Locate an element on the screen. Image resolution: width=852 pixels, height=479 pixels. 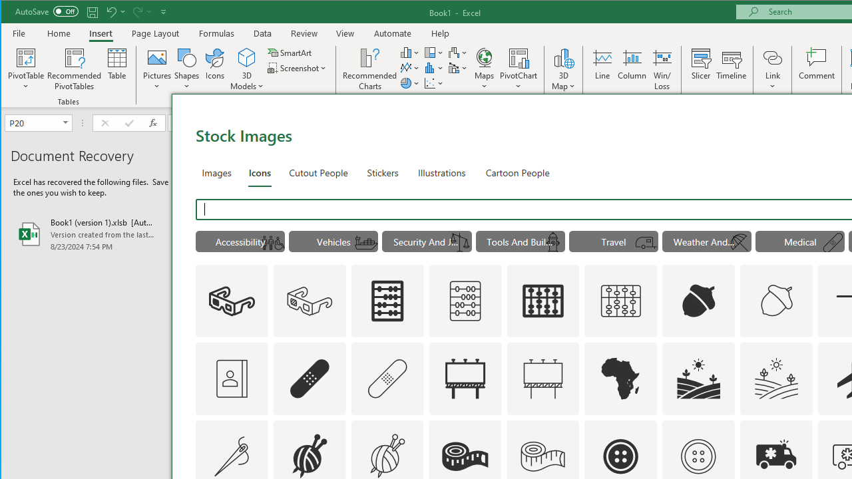
'Cutout People' is located at coordinates (318, 171).